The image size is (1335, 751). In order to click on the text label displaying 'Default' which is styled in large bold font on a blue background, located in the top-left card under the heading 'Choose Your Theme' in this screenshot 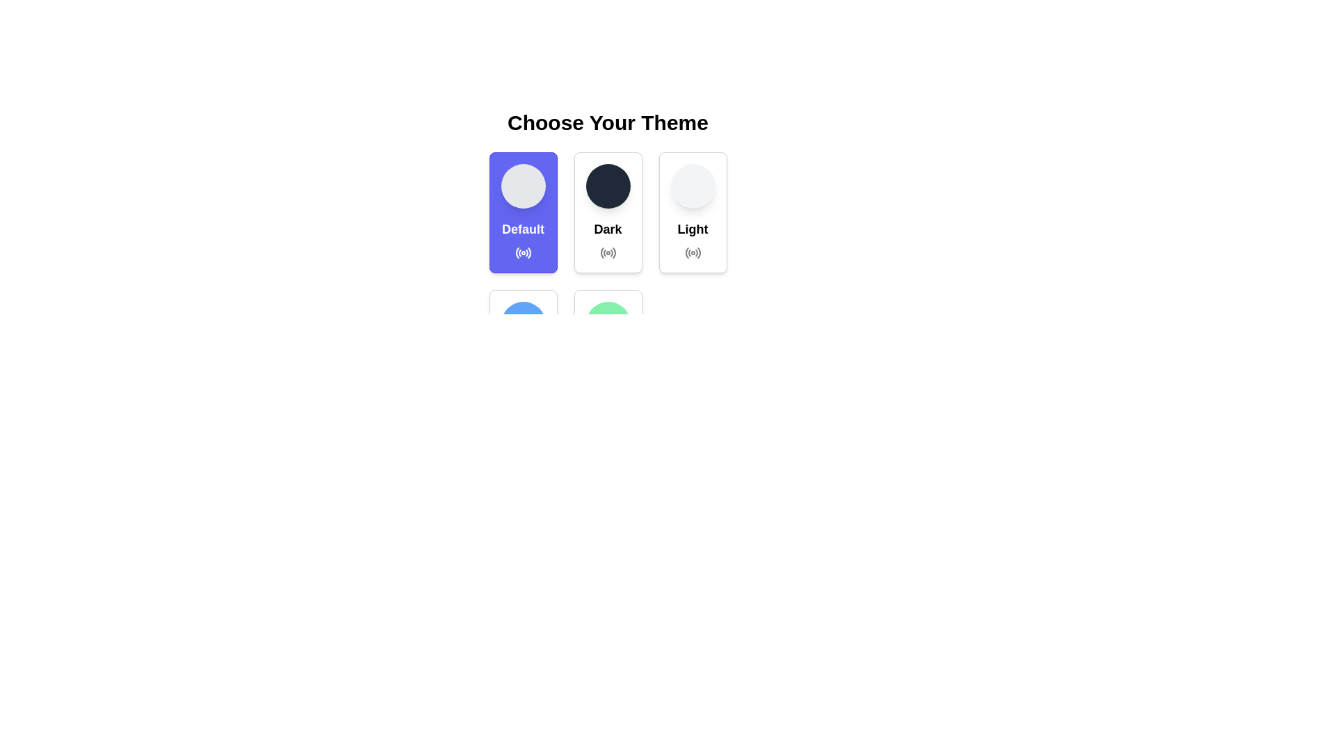, I will do `click(522, 229)`.